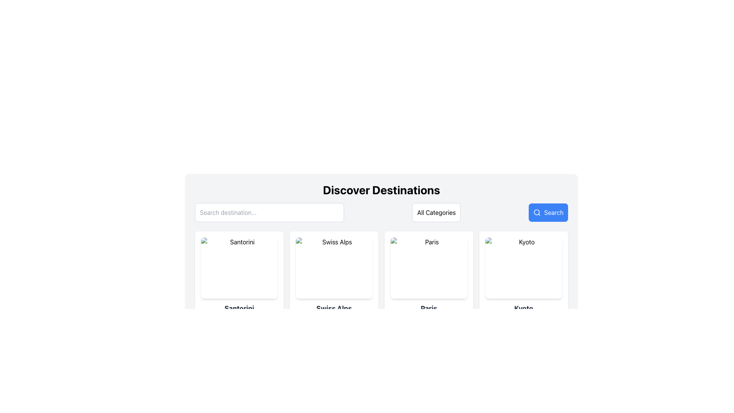 Image resolution: width=734 pixels, height=413 pixels. I want to click on the magnifying glass icon within the rounded blue 'Search' button located at the top-right corner of the layout, so click(537, 212).